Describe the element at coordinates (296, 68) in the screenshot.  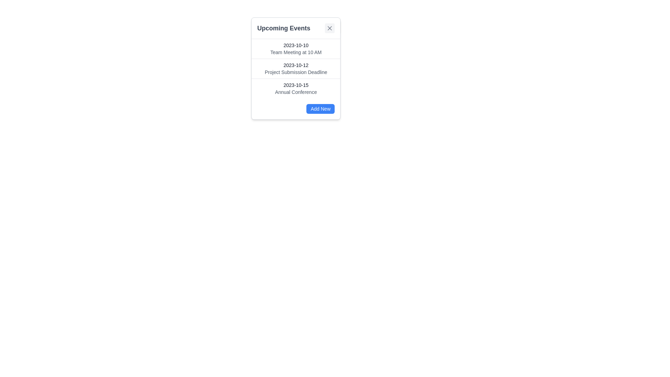
I see `the second text block displaying a date and description within the 'Upcoming Events' card, located between 'Team Meeting at 10 AM' and 'Annual Conference'` at that location.